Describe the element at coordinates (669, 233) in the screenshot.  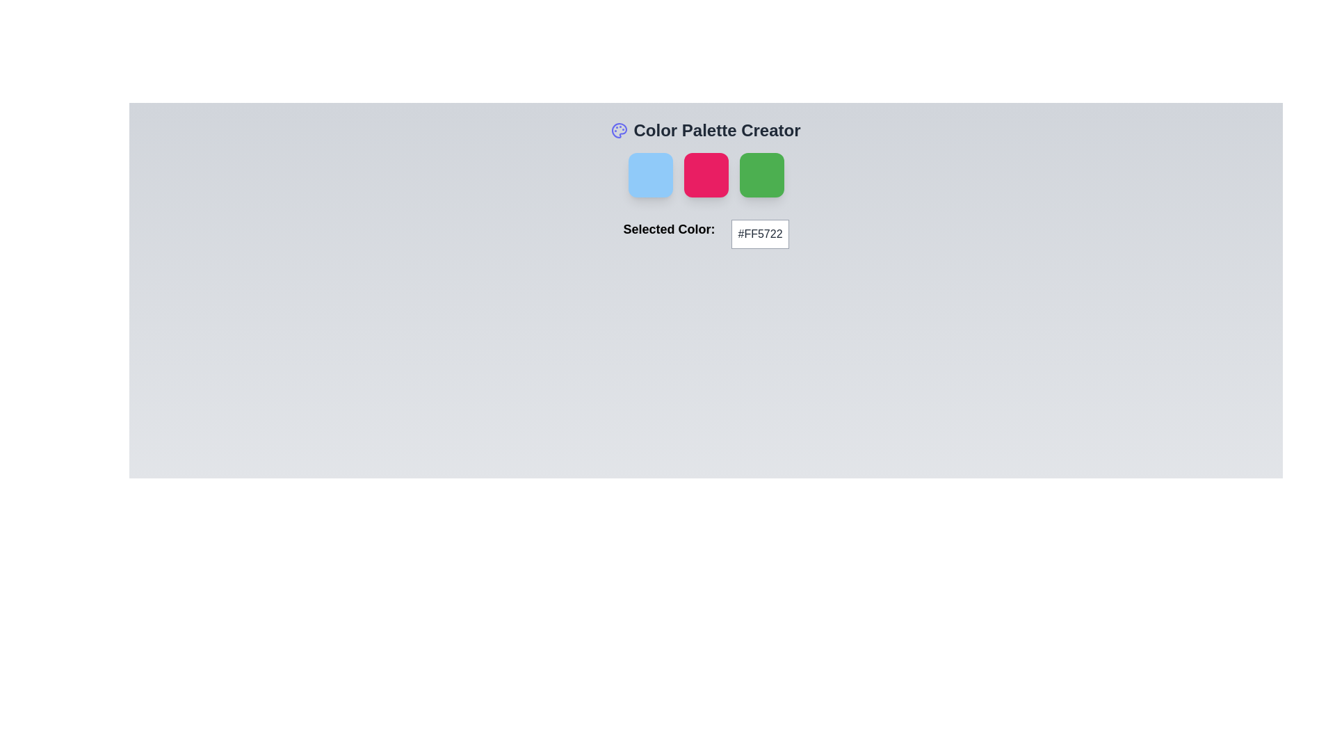
I see `the Text Label displaying 'Selected Color:' which is positioned to the left of the color code box in the horizontal layout` at that location.